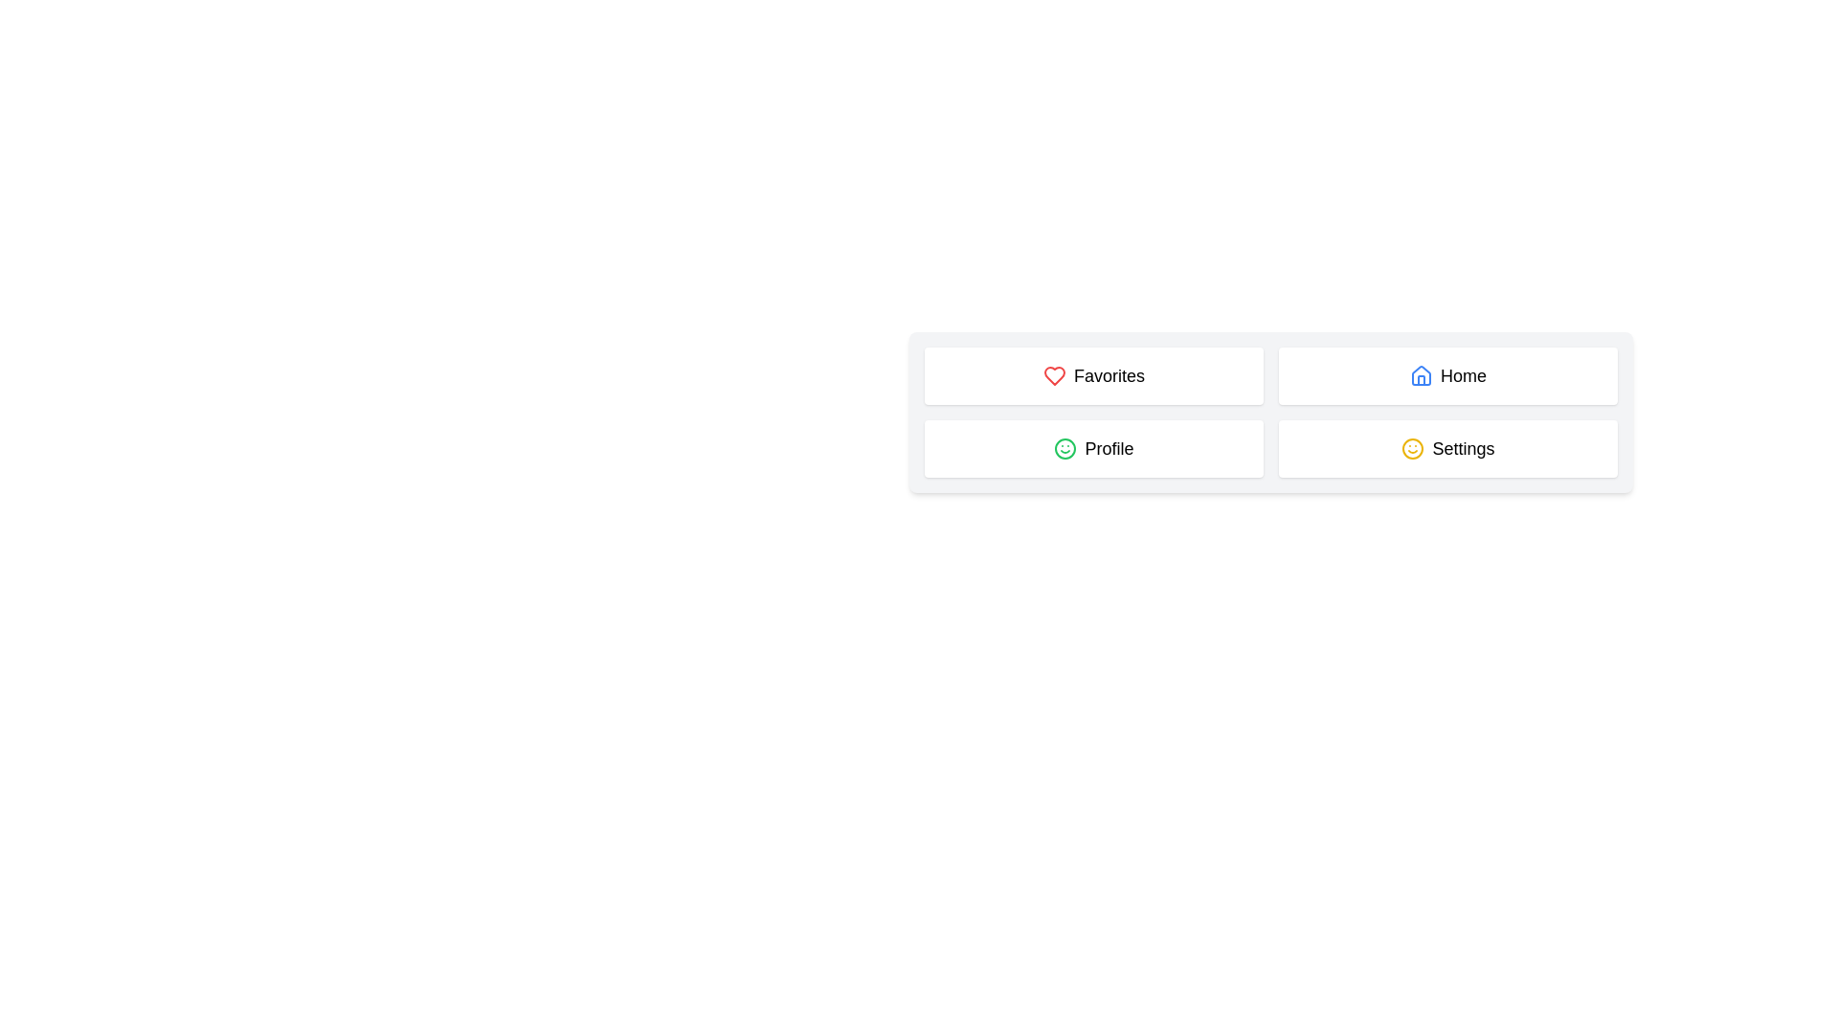  I want to click on 'Home' text label which is styled in a large font weight and located in the top row, second column of a grid-like structure, next to a house-shaped icon, so click(1462, 376).